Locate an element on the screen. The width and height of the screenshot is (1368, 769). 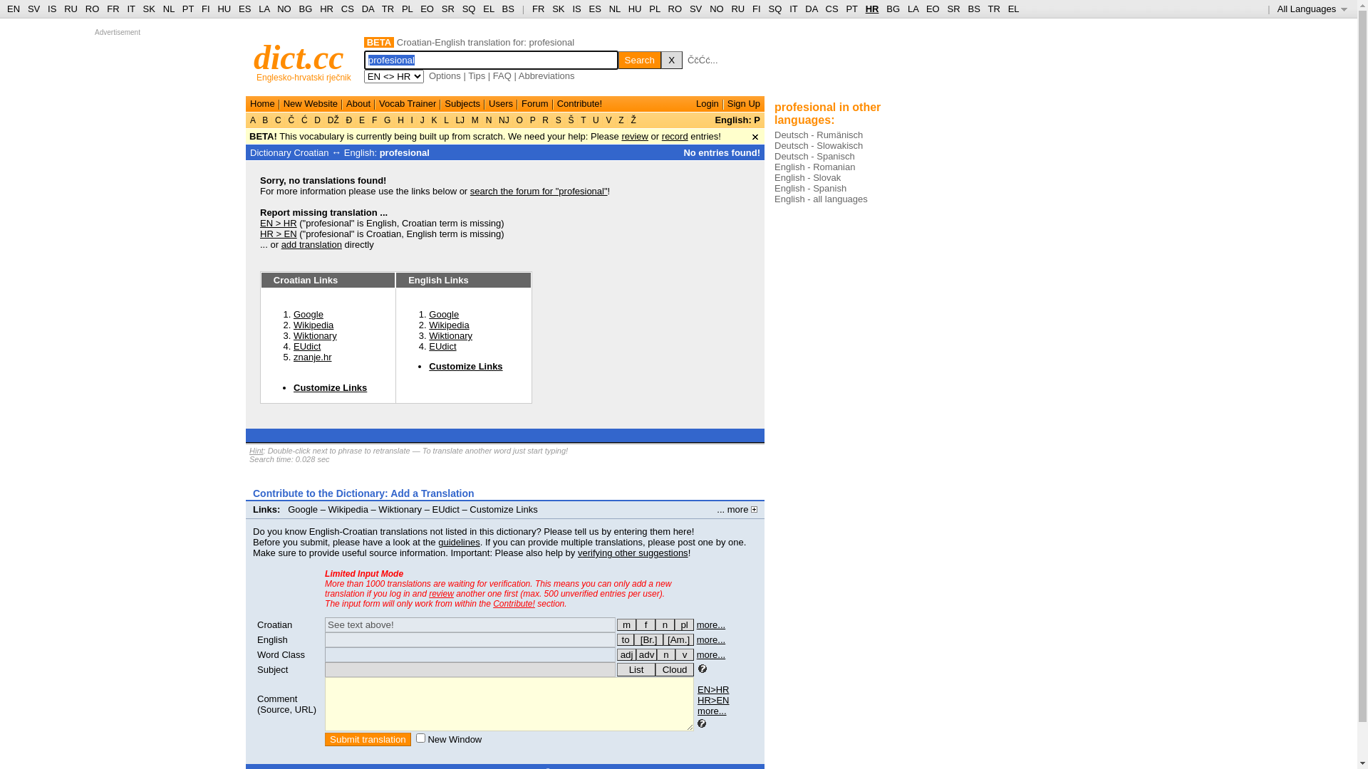
'BG' is located at coordinates (299, 9).